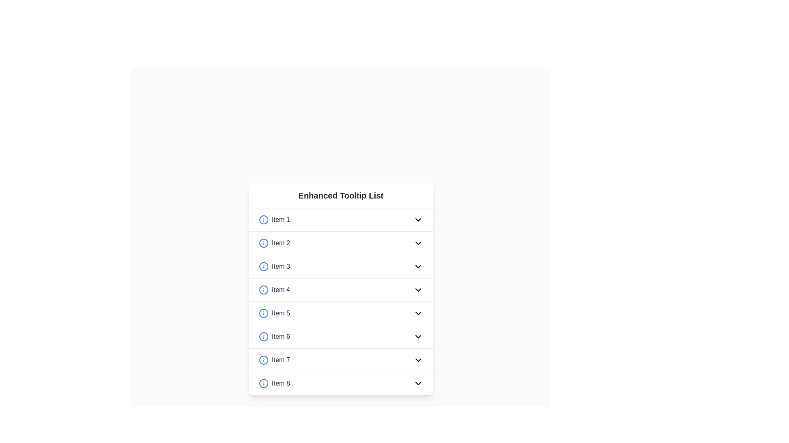  Describe the element at coordinates (418, 313) in the screenshot. I see `the downward-facing chevron icon located at the far-right side of the list item labeled 'Item 5' to trigger additional interaction effects` at that location.